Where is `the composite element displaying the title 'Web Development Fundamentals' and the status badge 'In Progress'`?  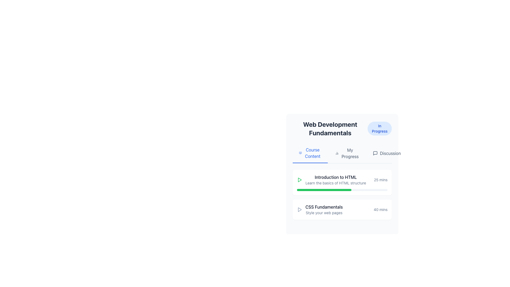 the composite element displaying the title 'Web Development Fundamentals' and the status badge 'In Progress' is located at coordinates (342, 128).